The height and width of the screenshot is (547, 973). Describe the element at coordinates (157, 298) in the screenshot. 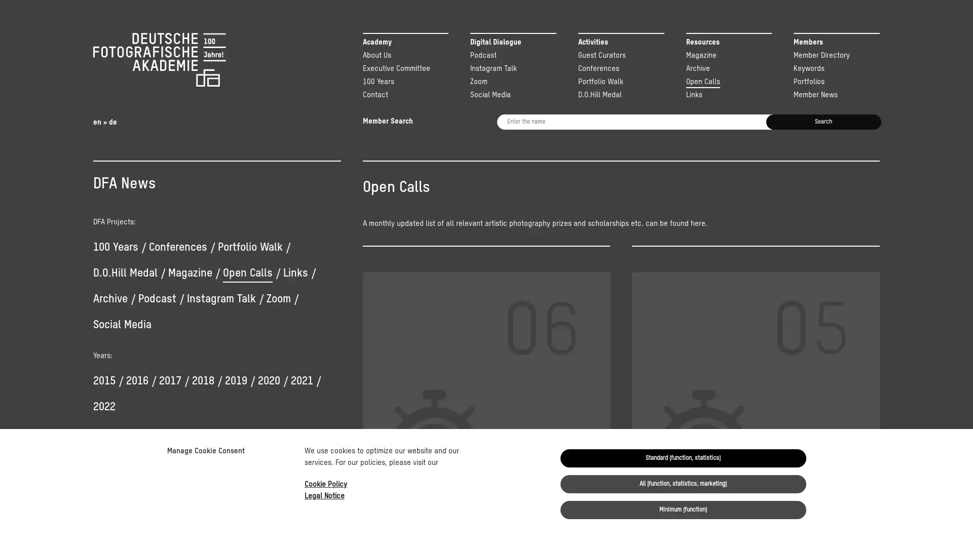

I see `Podcast` at that location.